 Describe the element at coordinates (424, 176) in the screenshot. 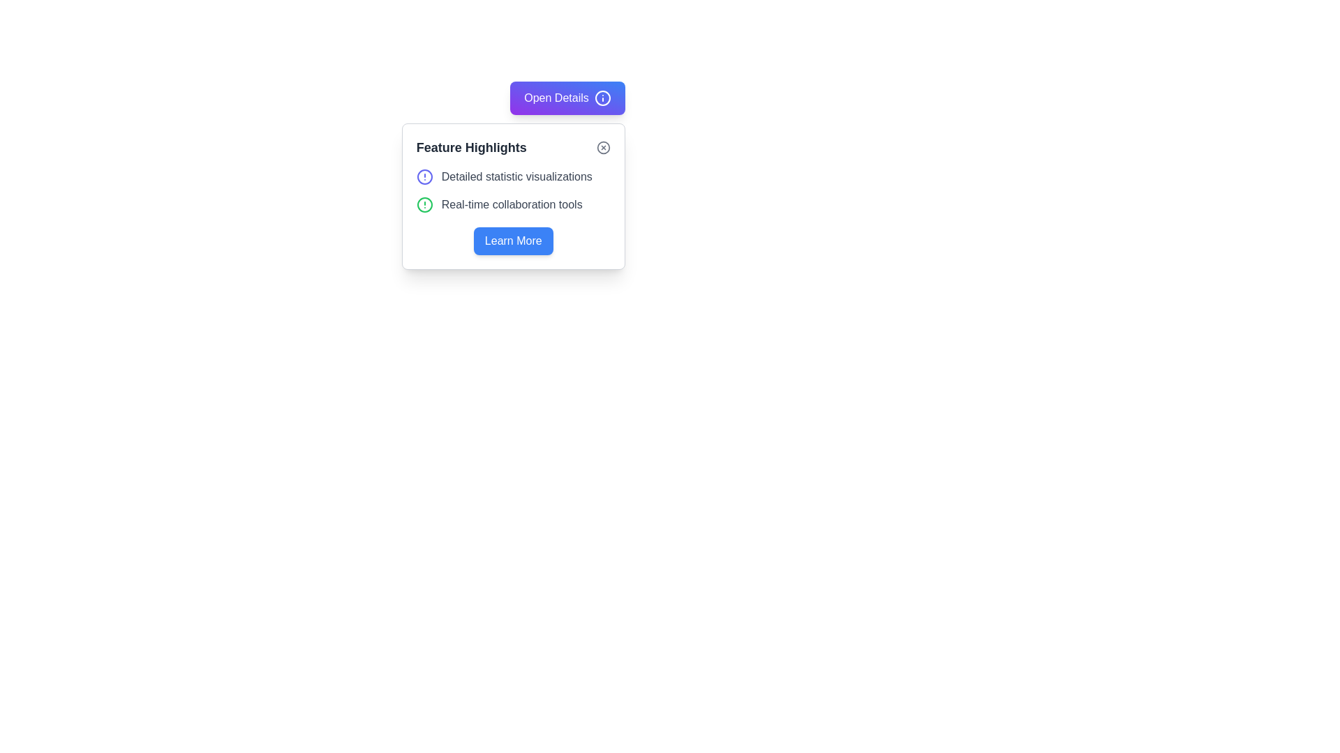

I see `the alert icon located at the far left of the text content in the 'Detailed statistic visualizations' section for interaction` at that location.